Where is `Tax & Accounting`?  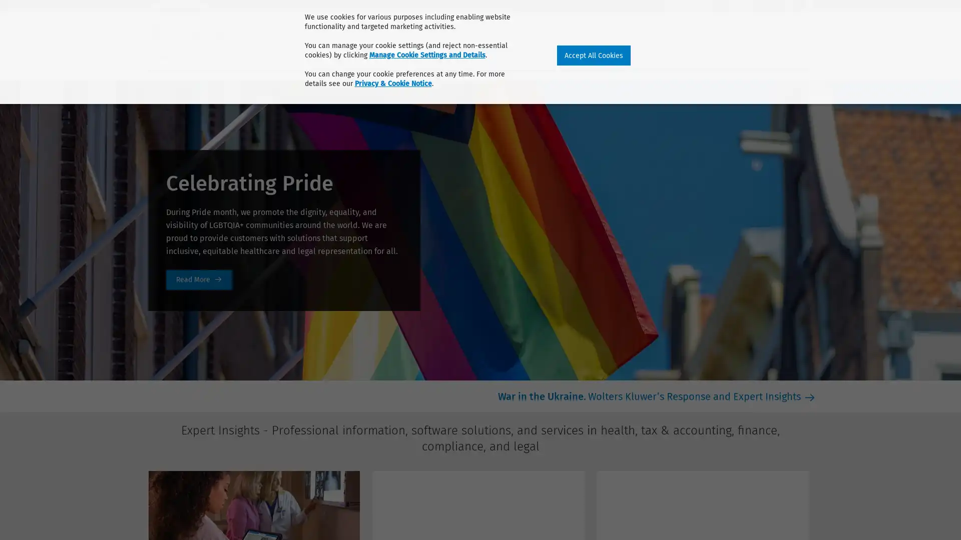 Tax & Accounting is located at coordinates (237, 56).